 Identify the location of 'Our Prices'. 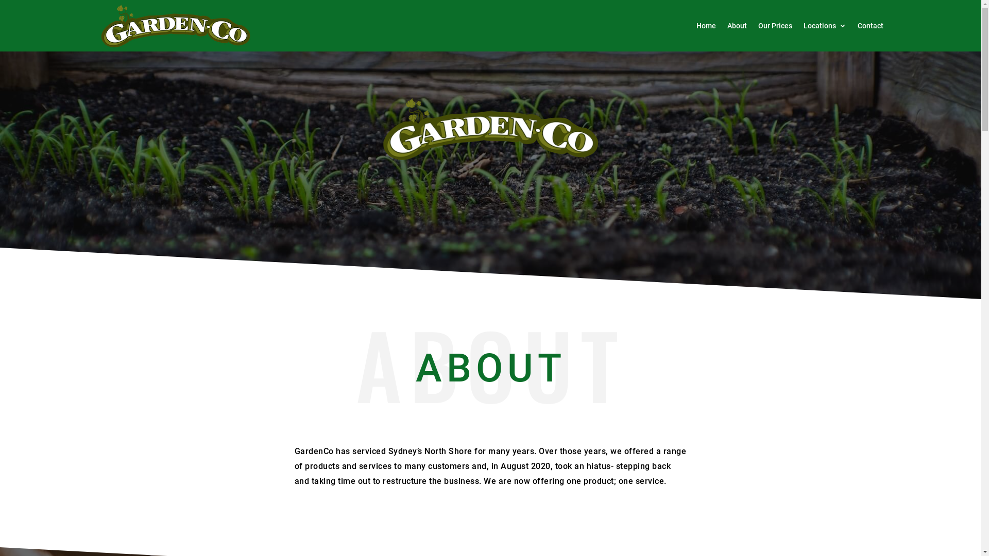
(758, 25).